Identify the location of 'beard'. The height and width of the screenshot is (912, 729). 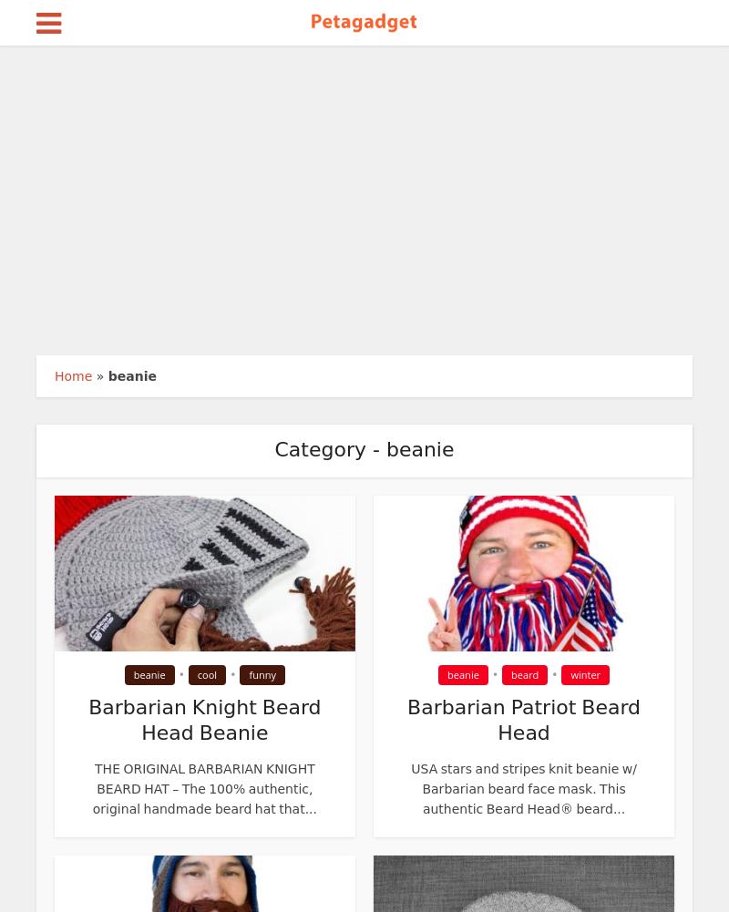
(524, 674).